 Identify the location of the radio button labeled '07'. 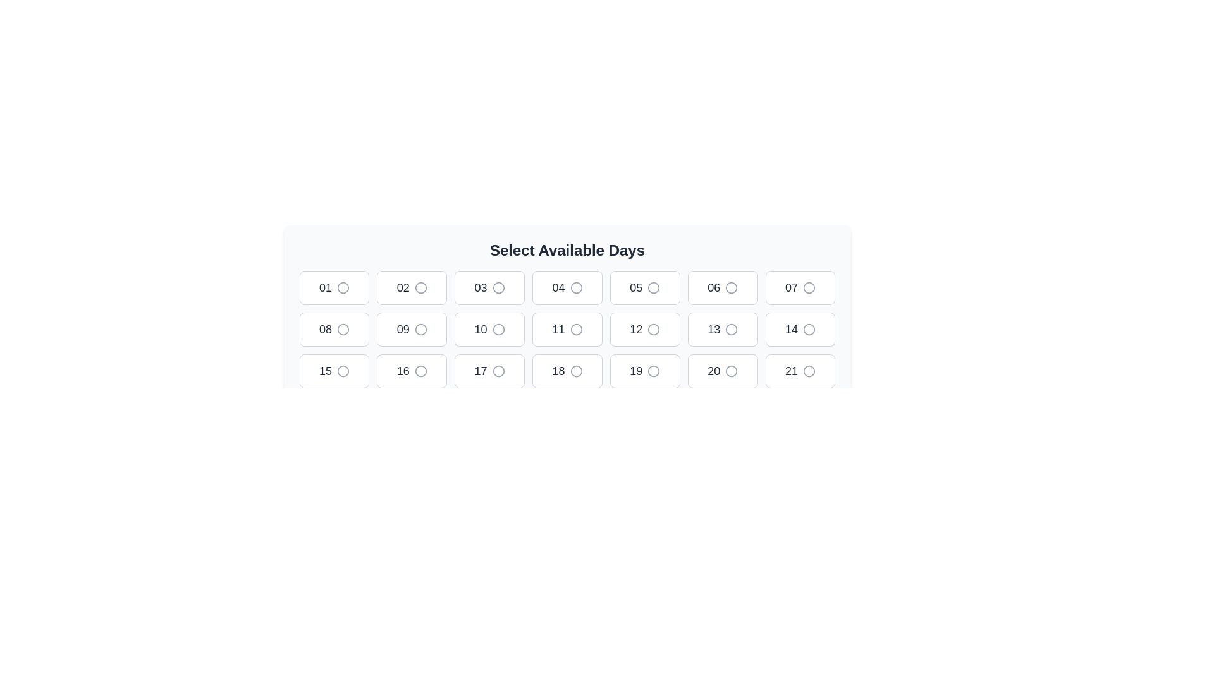
(800, 287).